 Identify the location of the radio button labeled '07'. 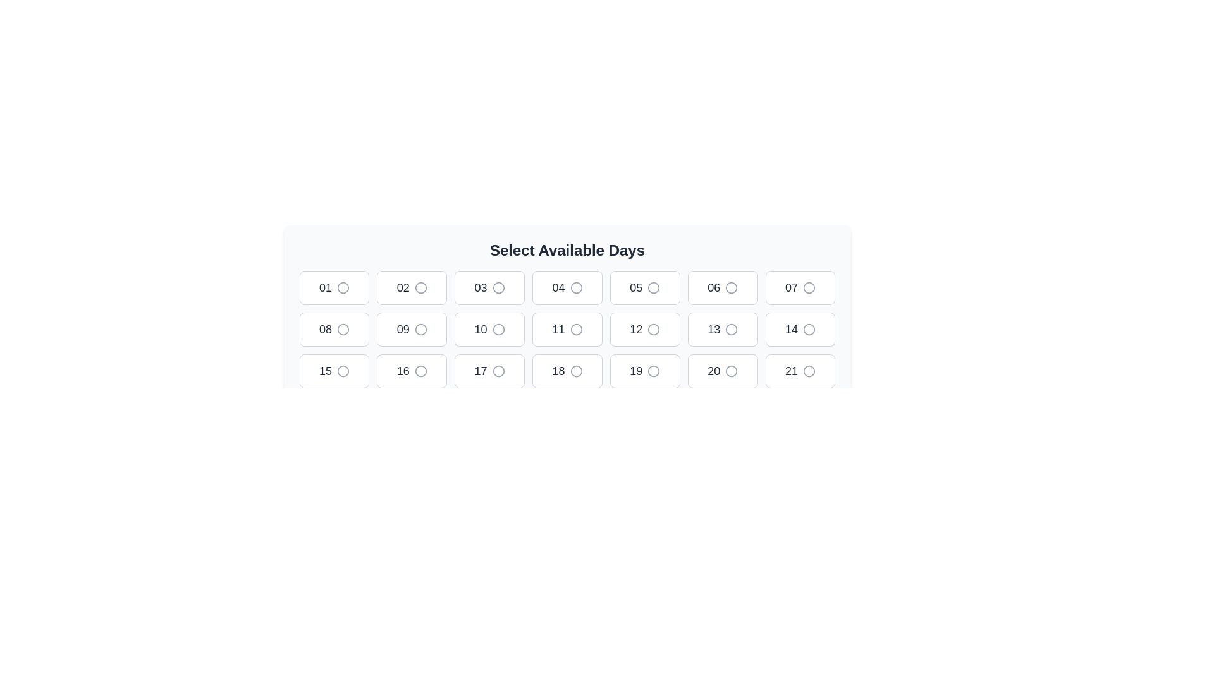
(800, 287).